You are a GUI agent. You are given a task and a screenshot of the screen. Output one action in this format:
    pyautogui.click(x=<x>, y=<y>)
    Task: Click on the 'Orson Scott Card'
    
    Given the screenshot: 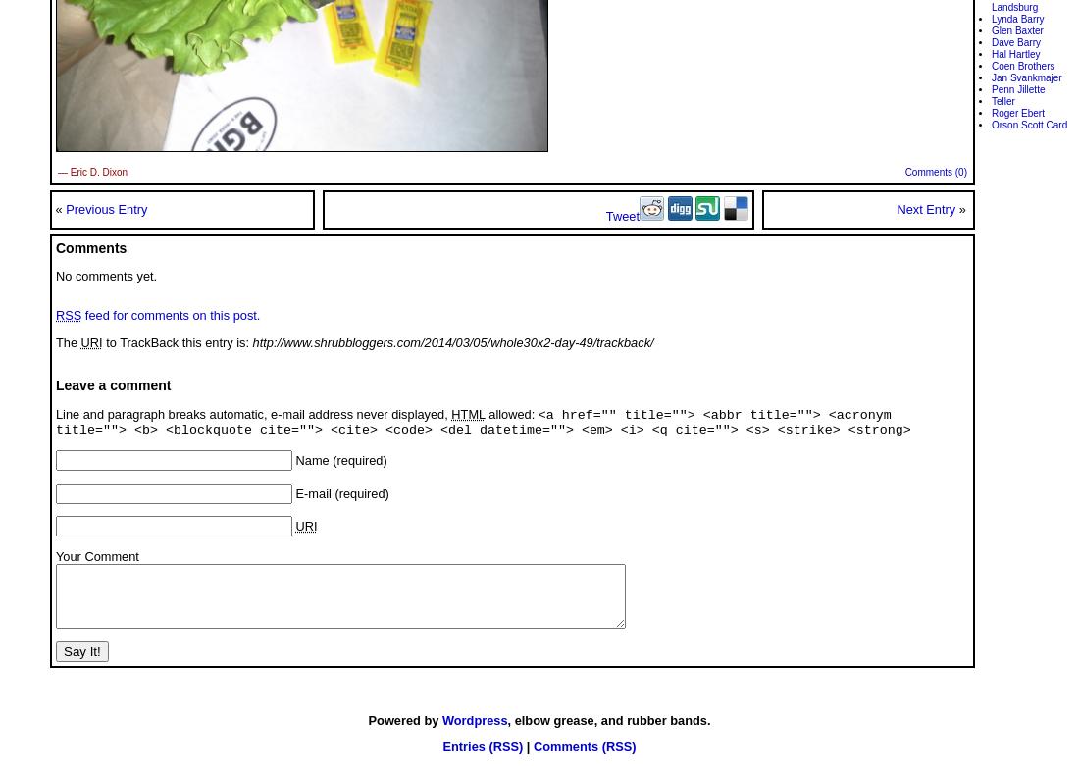 What is the action you would take?
    pyautogui.click(x=1029, y=125)
    